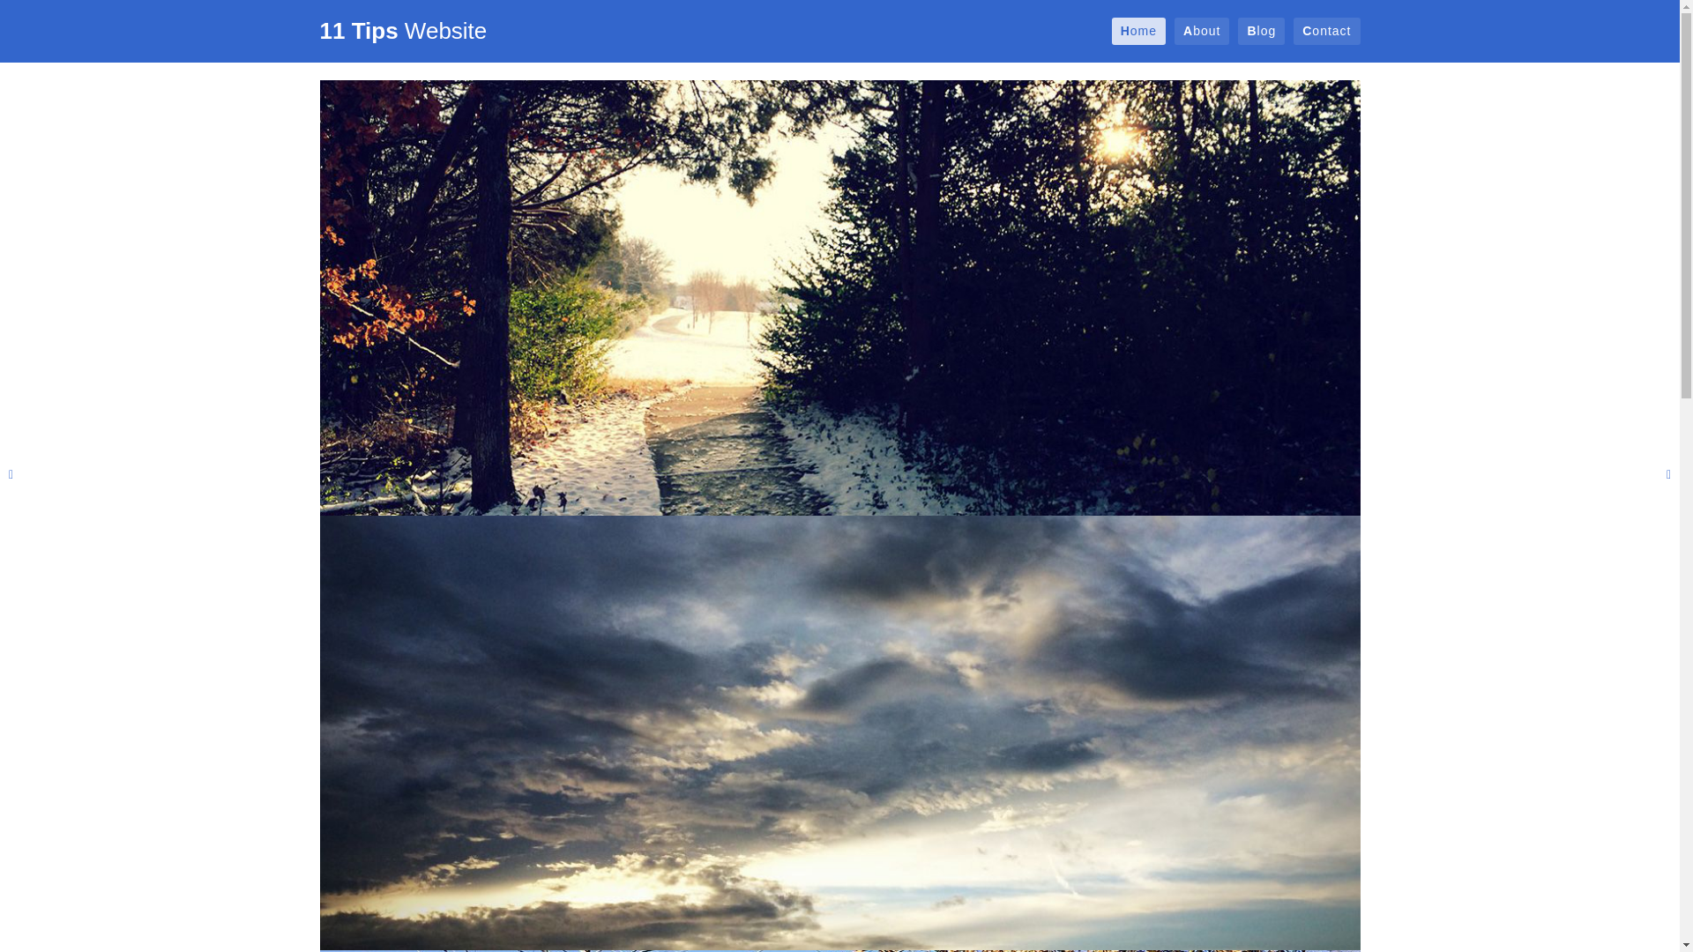 The image size is (1693, 952). What do you see at coordinates (1201, 31) in the screenshot?
I see `'About'` at bounding box center [1201, 31].